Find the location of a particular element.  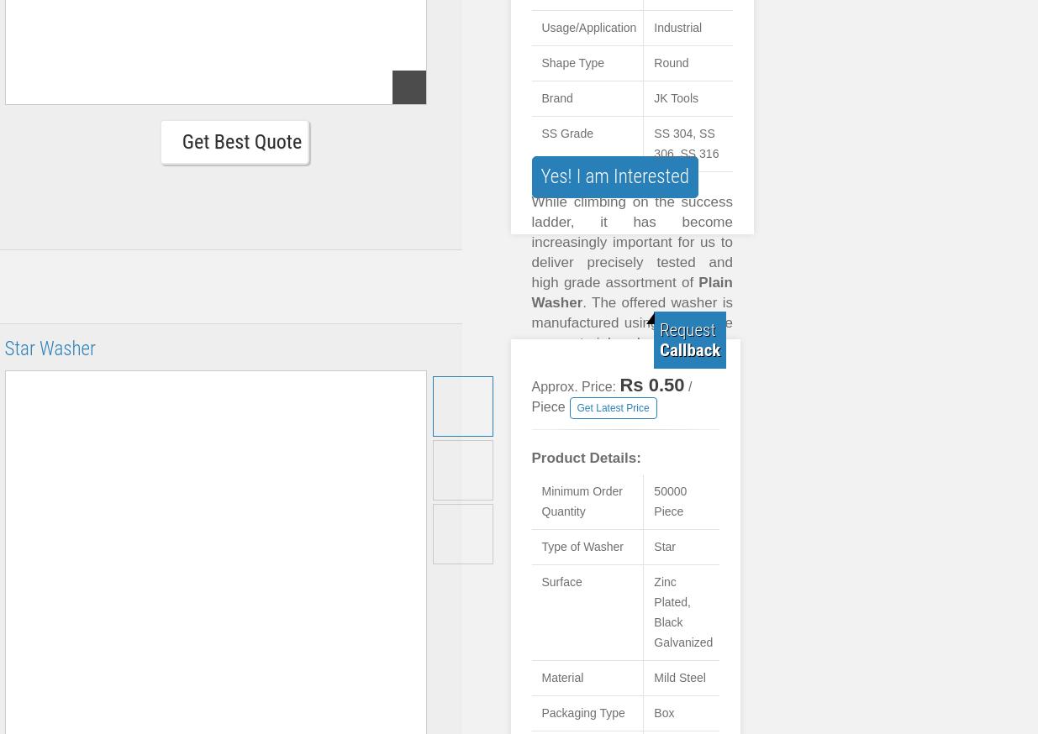

'SS 304, SS 306, SS 316' is located at coordinates (686, 143).